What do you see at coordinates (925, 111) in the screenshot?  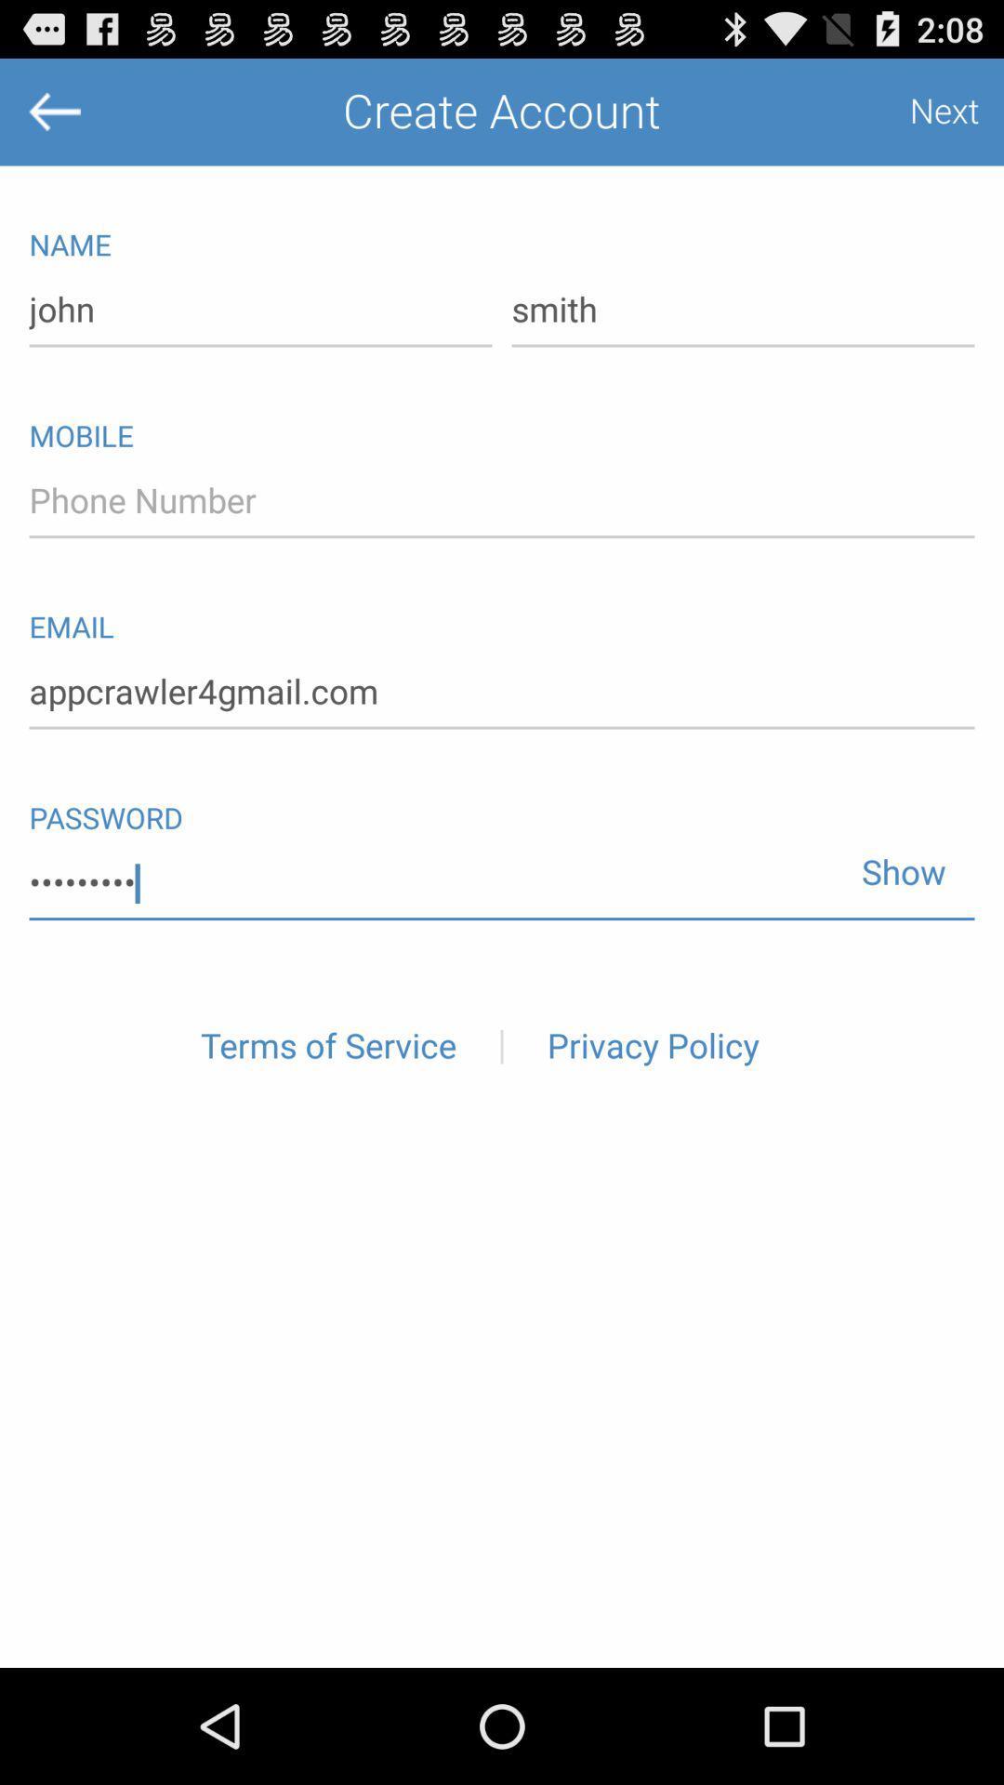 I see `the next icon` at bounding box center [925, 111].